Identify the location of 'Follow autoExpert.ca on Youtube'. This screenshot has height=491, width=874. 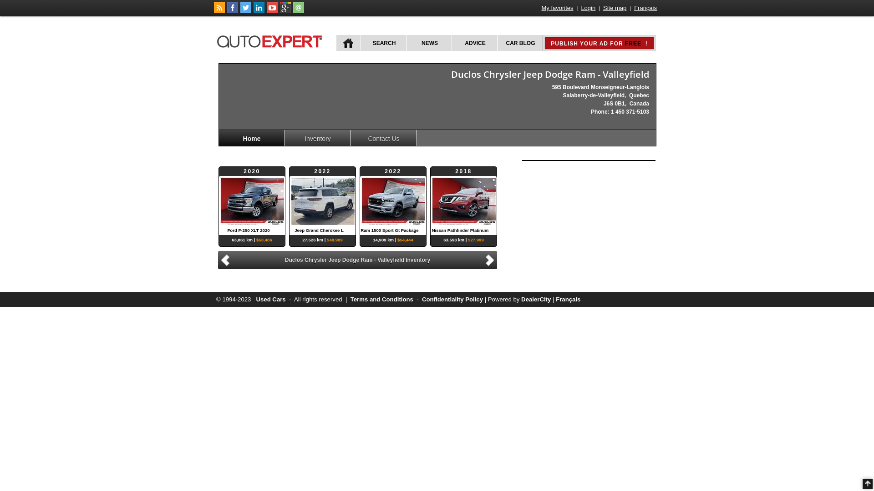
(266, 11).